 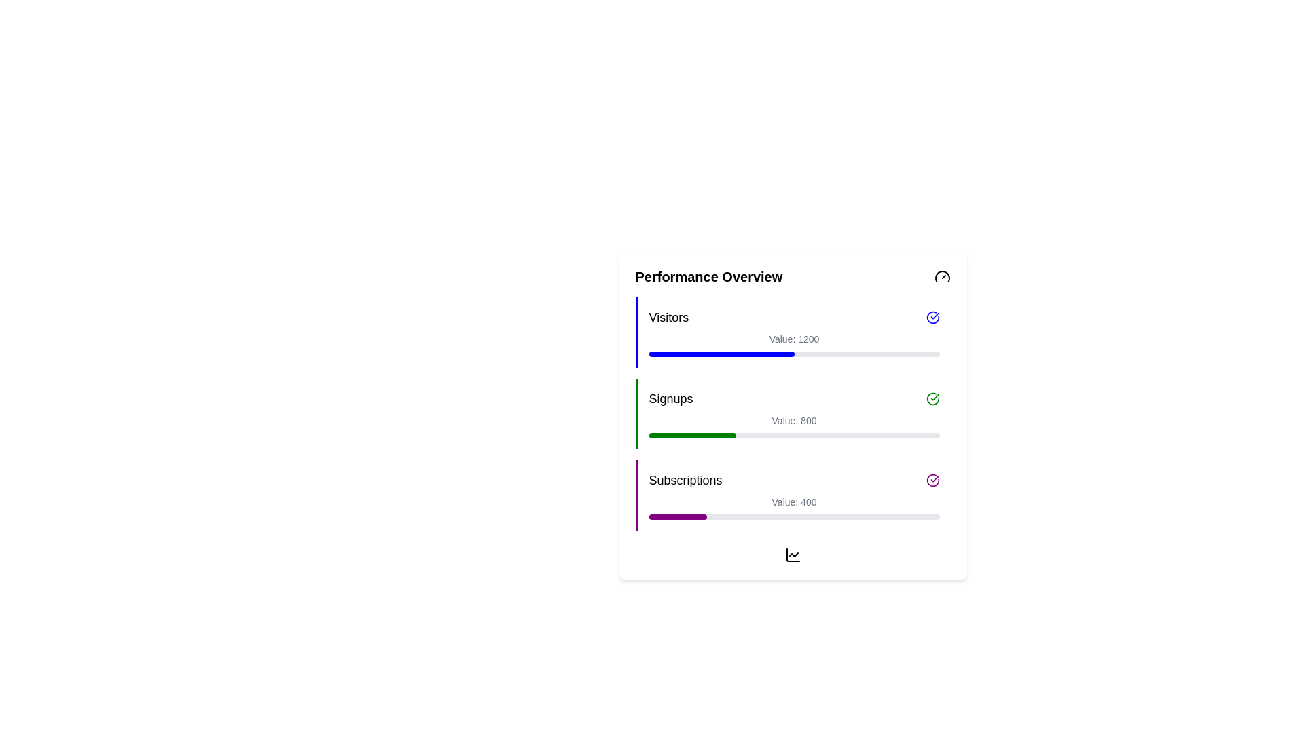 I want to click on the 'Signups' entry in the Information panel of the Performance Overview grid, so click(x=793, y=413).